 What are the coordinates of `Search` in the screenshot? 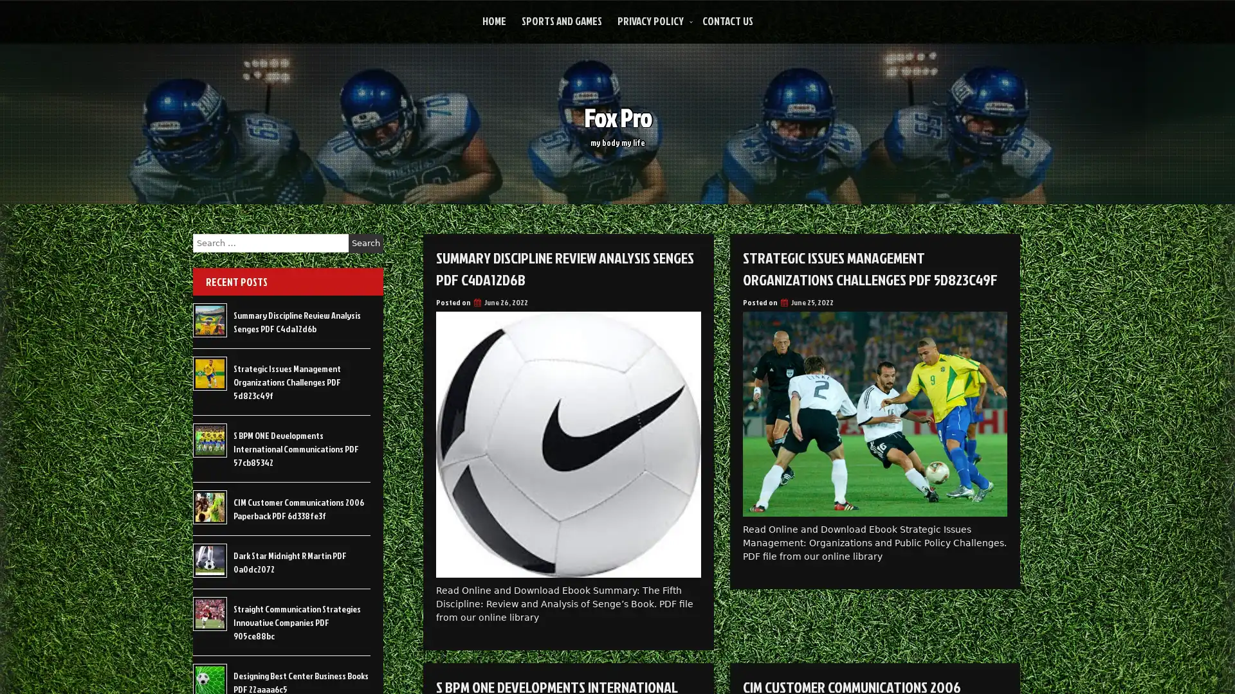 It's located at (365, 243).